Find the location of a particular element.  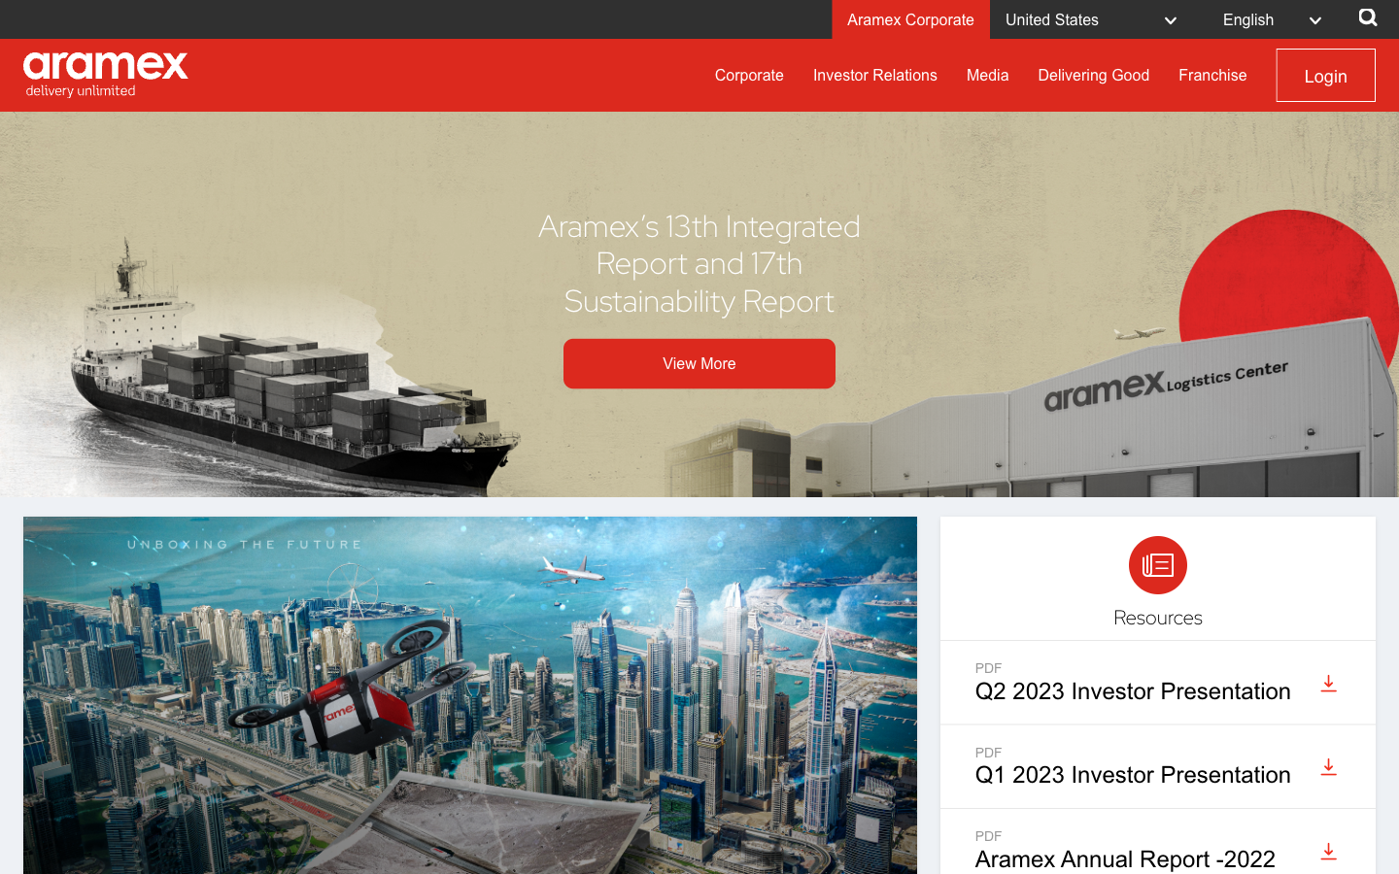

the view more button for Aramex’s 13th Integrated Report and 17th Sustainability Report is located at coordinates (699, 363).